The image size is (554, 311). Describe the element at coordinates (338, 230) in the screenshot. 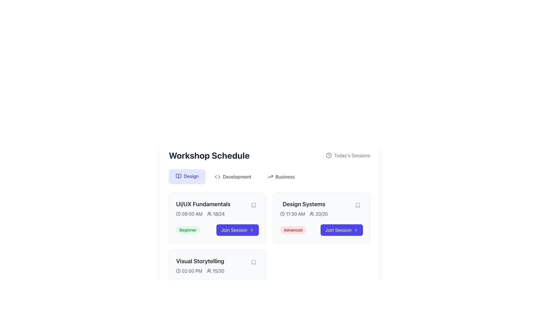

I see `the 'Join Session' button, which is a prominently styled interactive button with white text on a purple background, located in the lower-right portion of the 'Design Systems' workshop card` at that location.